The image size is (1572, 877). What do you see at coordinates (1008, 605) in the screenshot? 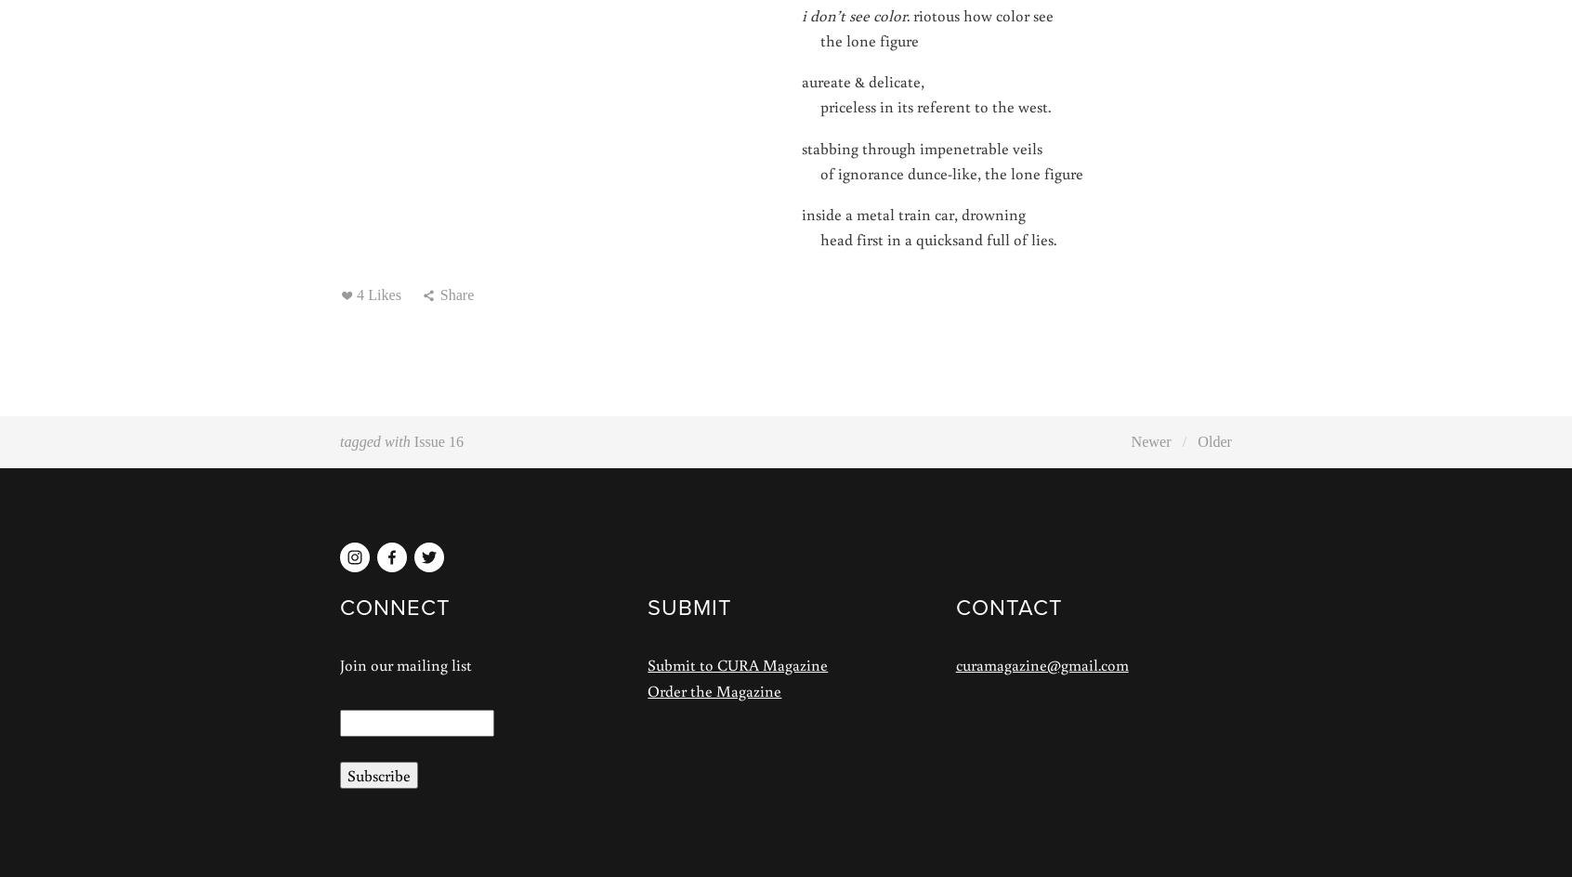
I see `'CONTACT'` at bounding box center [1008, 605].